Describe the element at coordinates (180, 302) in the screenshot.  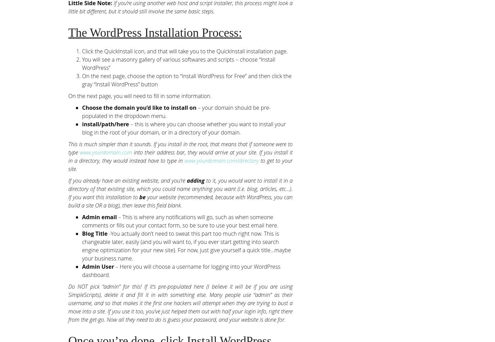
I see `'Do NOT pick “admin” for this! If it’s pre-populated here (I believe it will be if you are using SimpleScripts), delete it and fill it in with something else. Many people use “admin” as their username, and so that makes it the first one hackers will attempt when they are trying to bust a move into a site. If you use it too, you’ve just helped them out with half your login info, right there from the get-go. Now all they need to do is guess your password, and your website is done for.'` at that location.